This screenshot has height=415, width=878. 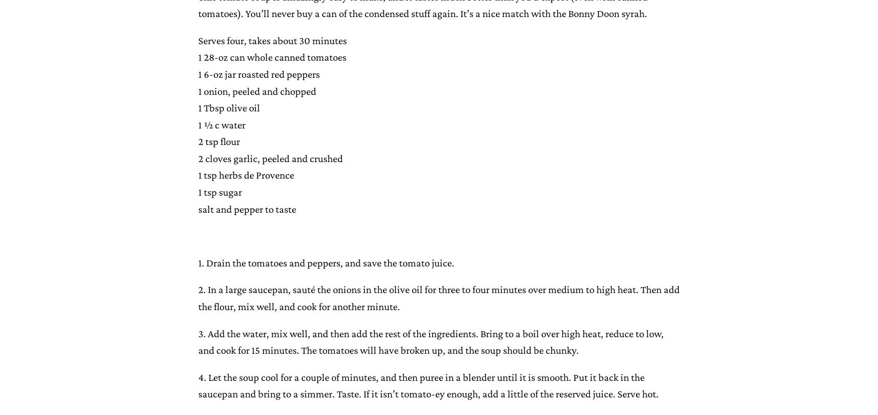 What do you see at coordinates (271, 56) in the screenshot?
I see `'1 28-oz can whole canned tomatoes'` at bounding box center [271, 56].